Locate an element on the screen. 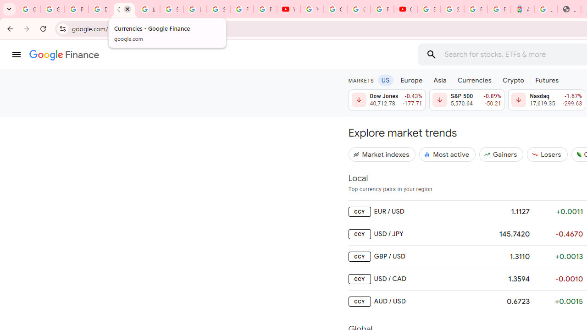  'Dow Jones 40,712.78 Down by 0.43% -177.71' is located at coordinates (387, 100).